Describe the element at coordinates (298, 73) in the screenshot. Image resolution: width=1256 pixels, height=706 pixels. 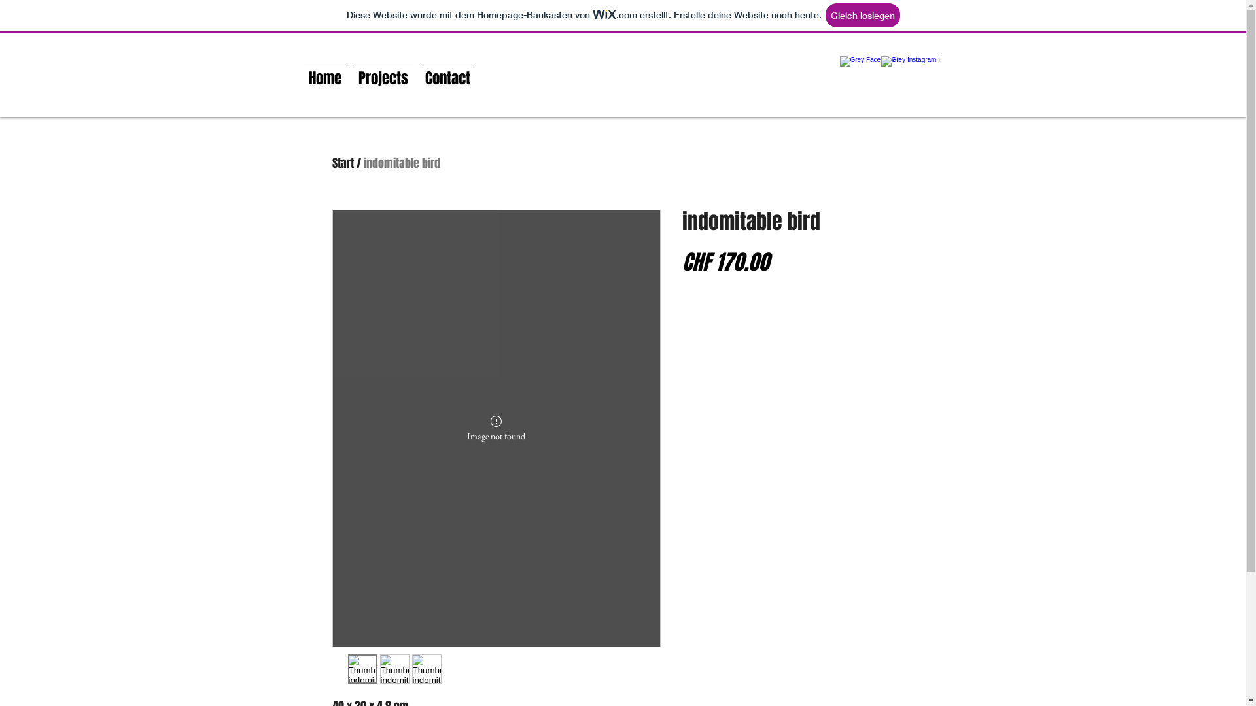
I see `'Home'` at that location.